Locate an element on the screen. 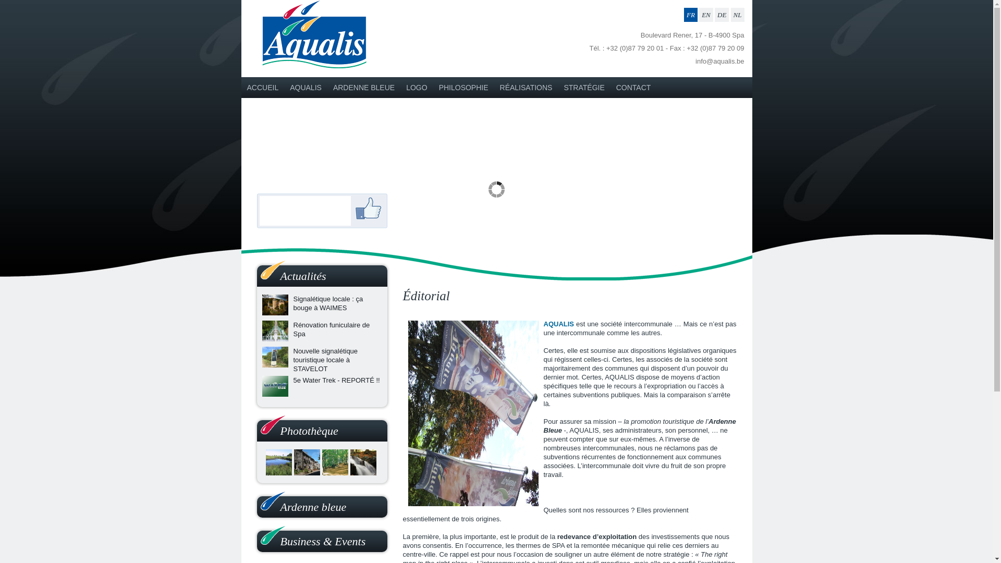 The image size is (1001, 563). 'ARDENNE BLEUE' is located at coordinates (363, 87).